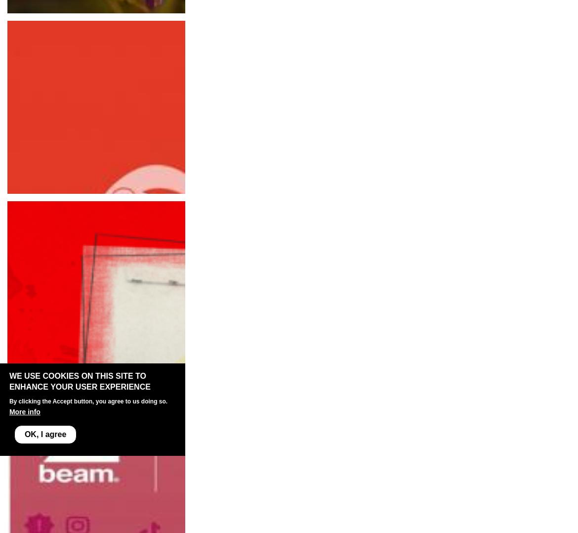 The image size is (578, 533). I want to click on 'Thursday, March 02, 2023', so click(53, 192).